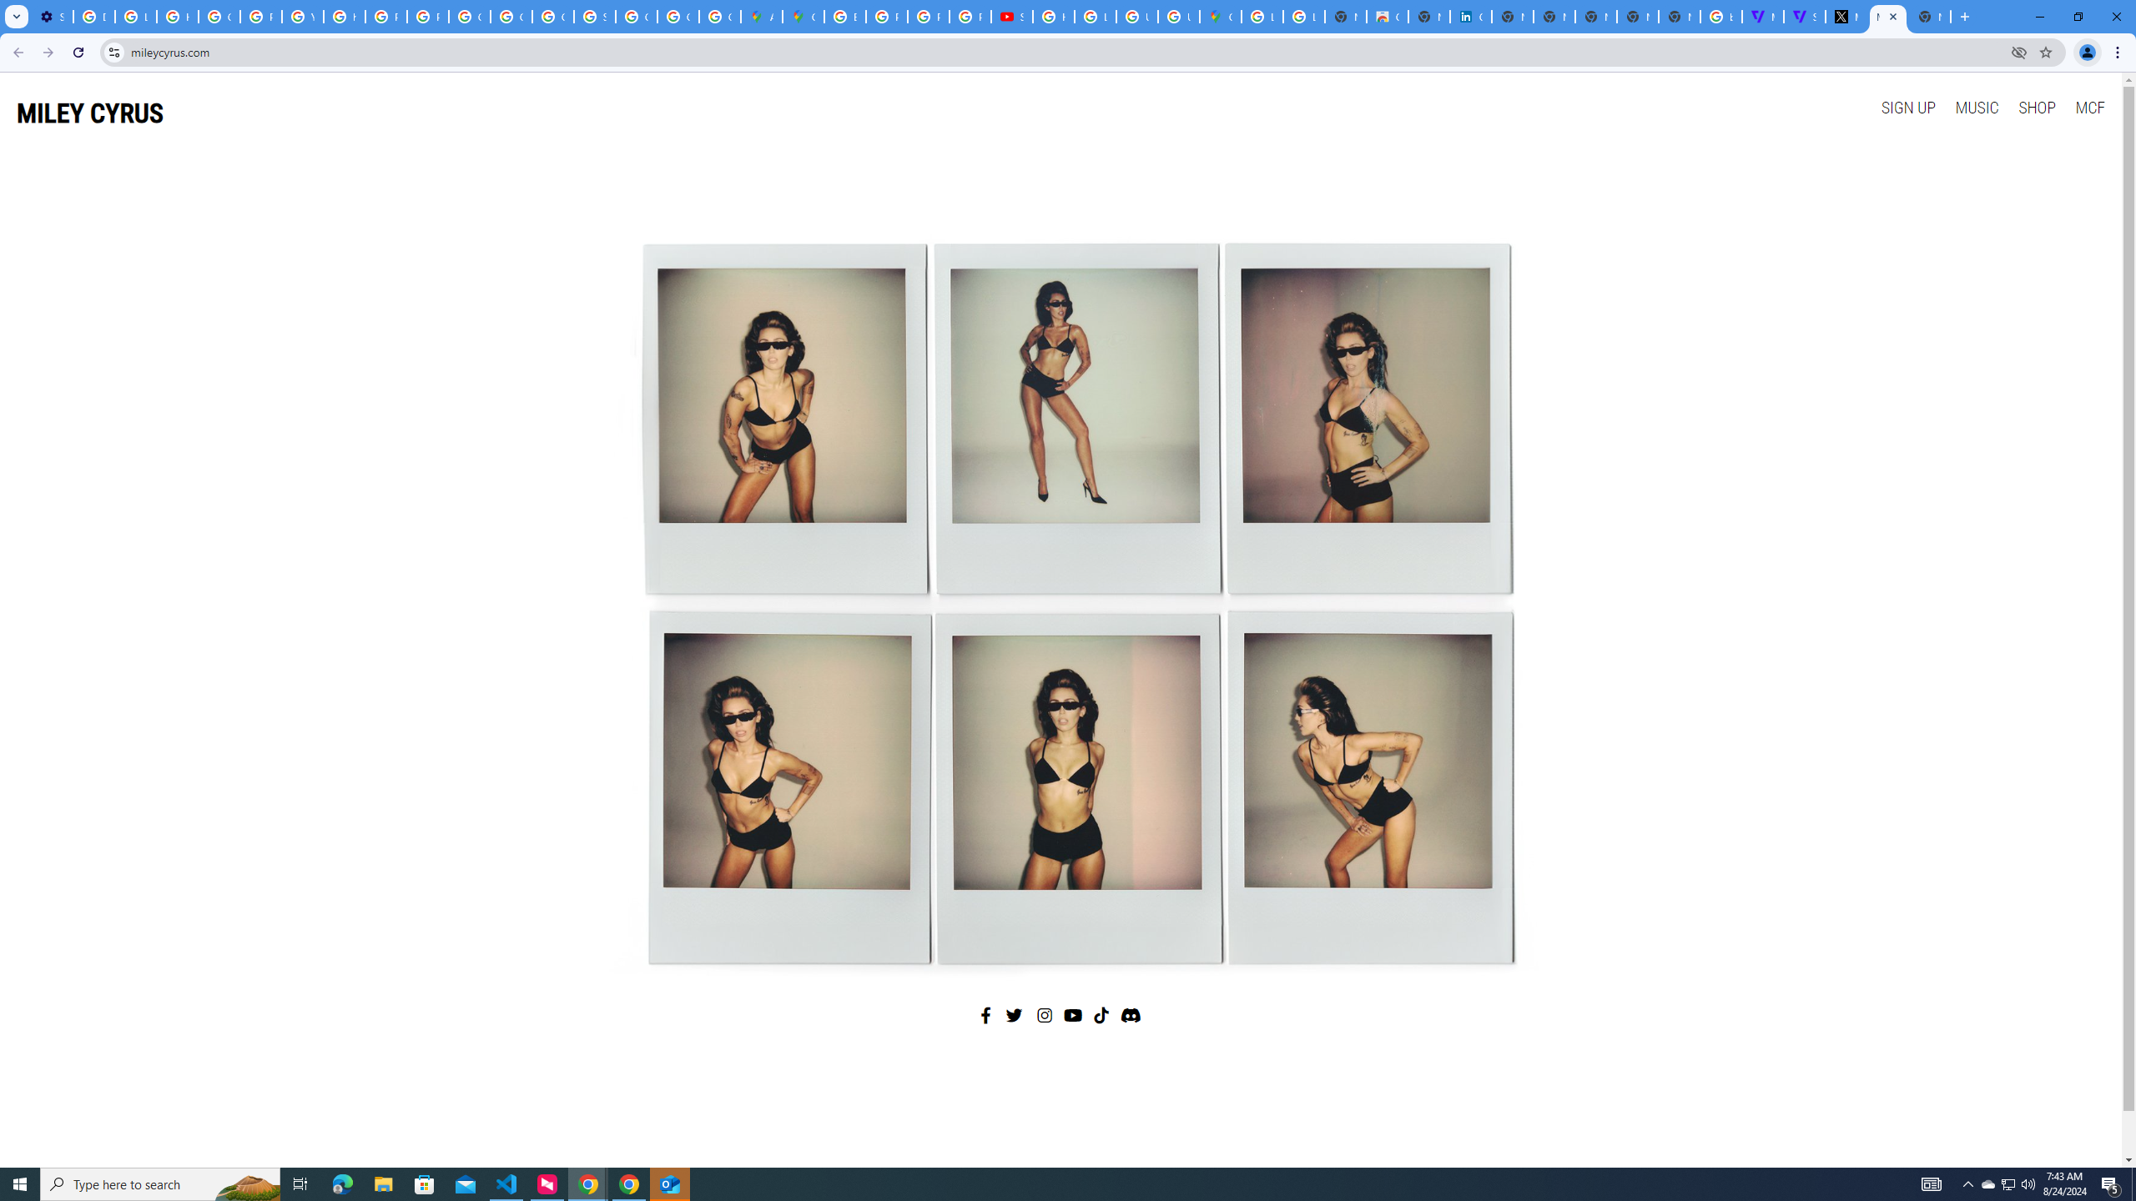 The width and height of the screenshot is (2136, 1201). I want to click on 'MUSIC', so click(1976, 106).